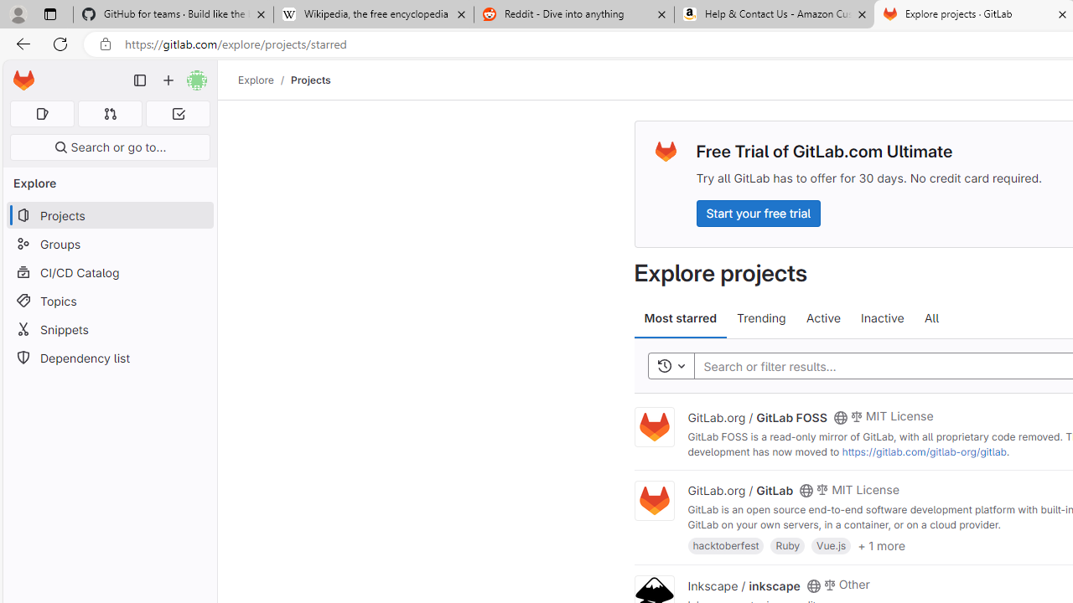  I want to click on 'hacktoberfest', so click(726, 545).